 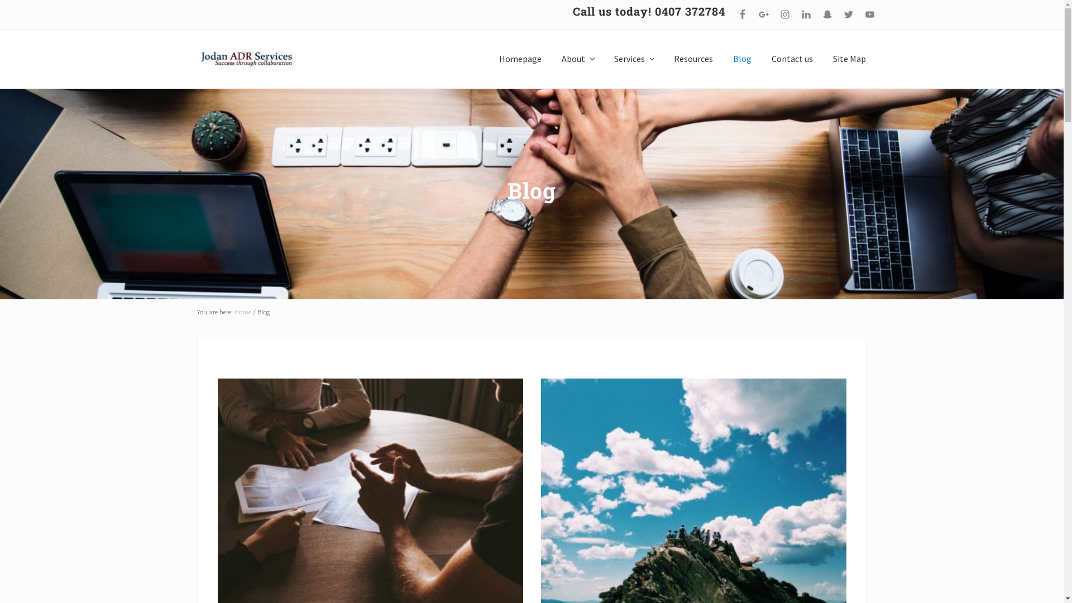 I want to click on 'Snapchat', so click(x=827, y=15).